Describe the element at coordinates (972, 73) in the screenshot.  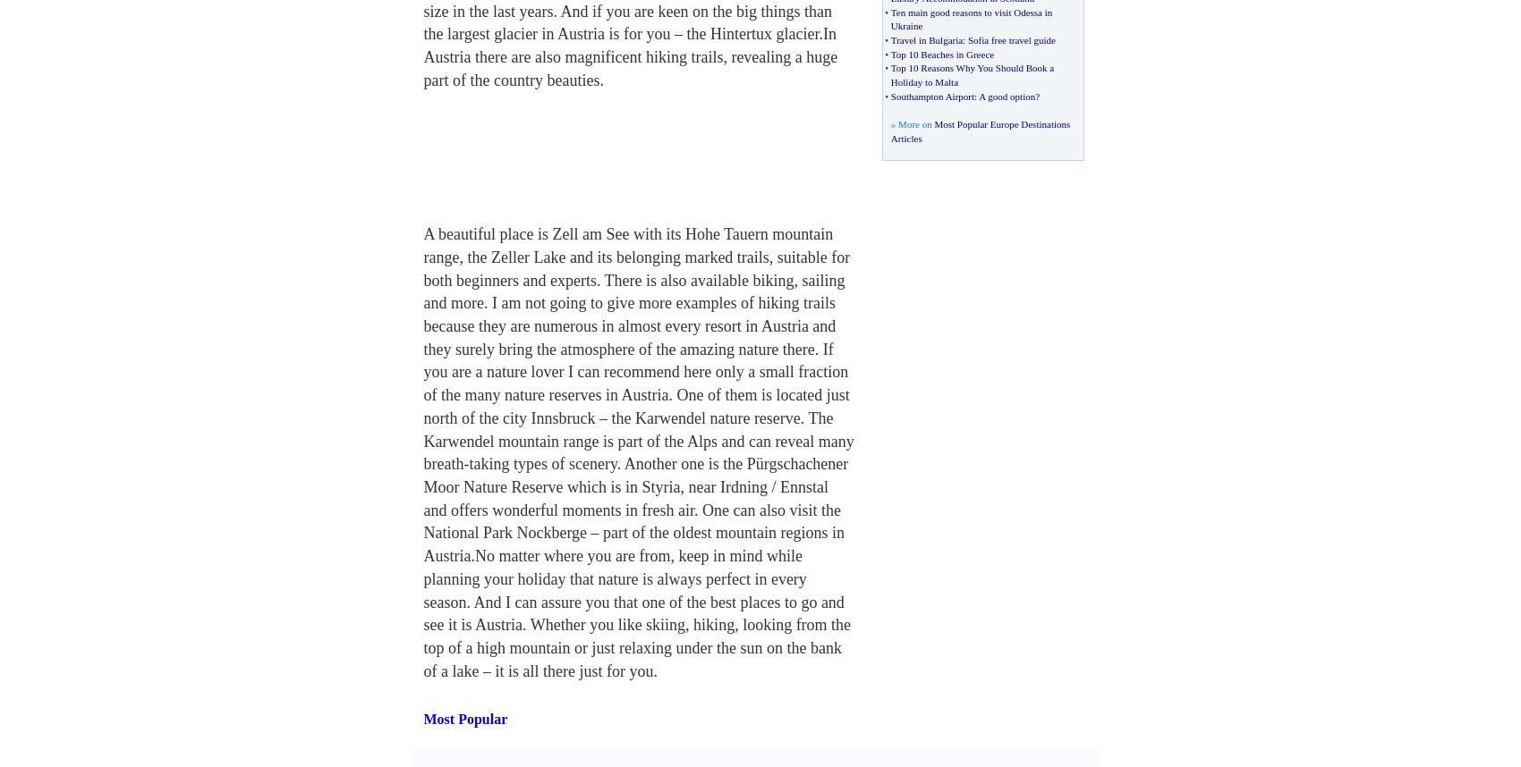
I see `'Top 10 Reasons Why You Should Book a Holiday to Malta'` at that location.